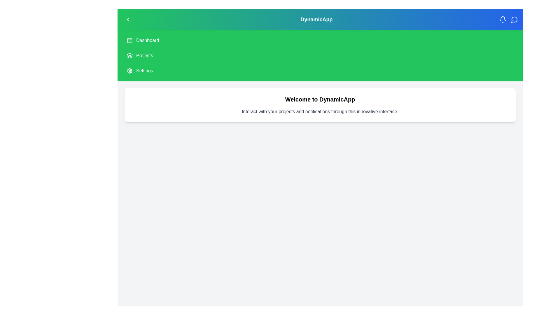 This screenshot has height=315, width=560. I want to click on the 'Projects' menu item to navigate to the Projects section, so click(144, 56).